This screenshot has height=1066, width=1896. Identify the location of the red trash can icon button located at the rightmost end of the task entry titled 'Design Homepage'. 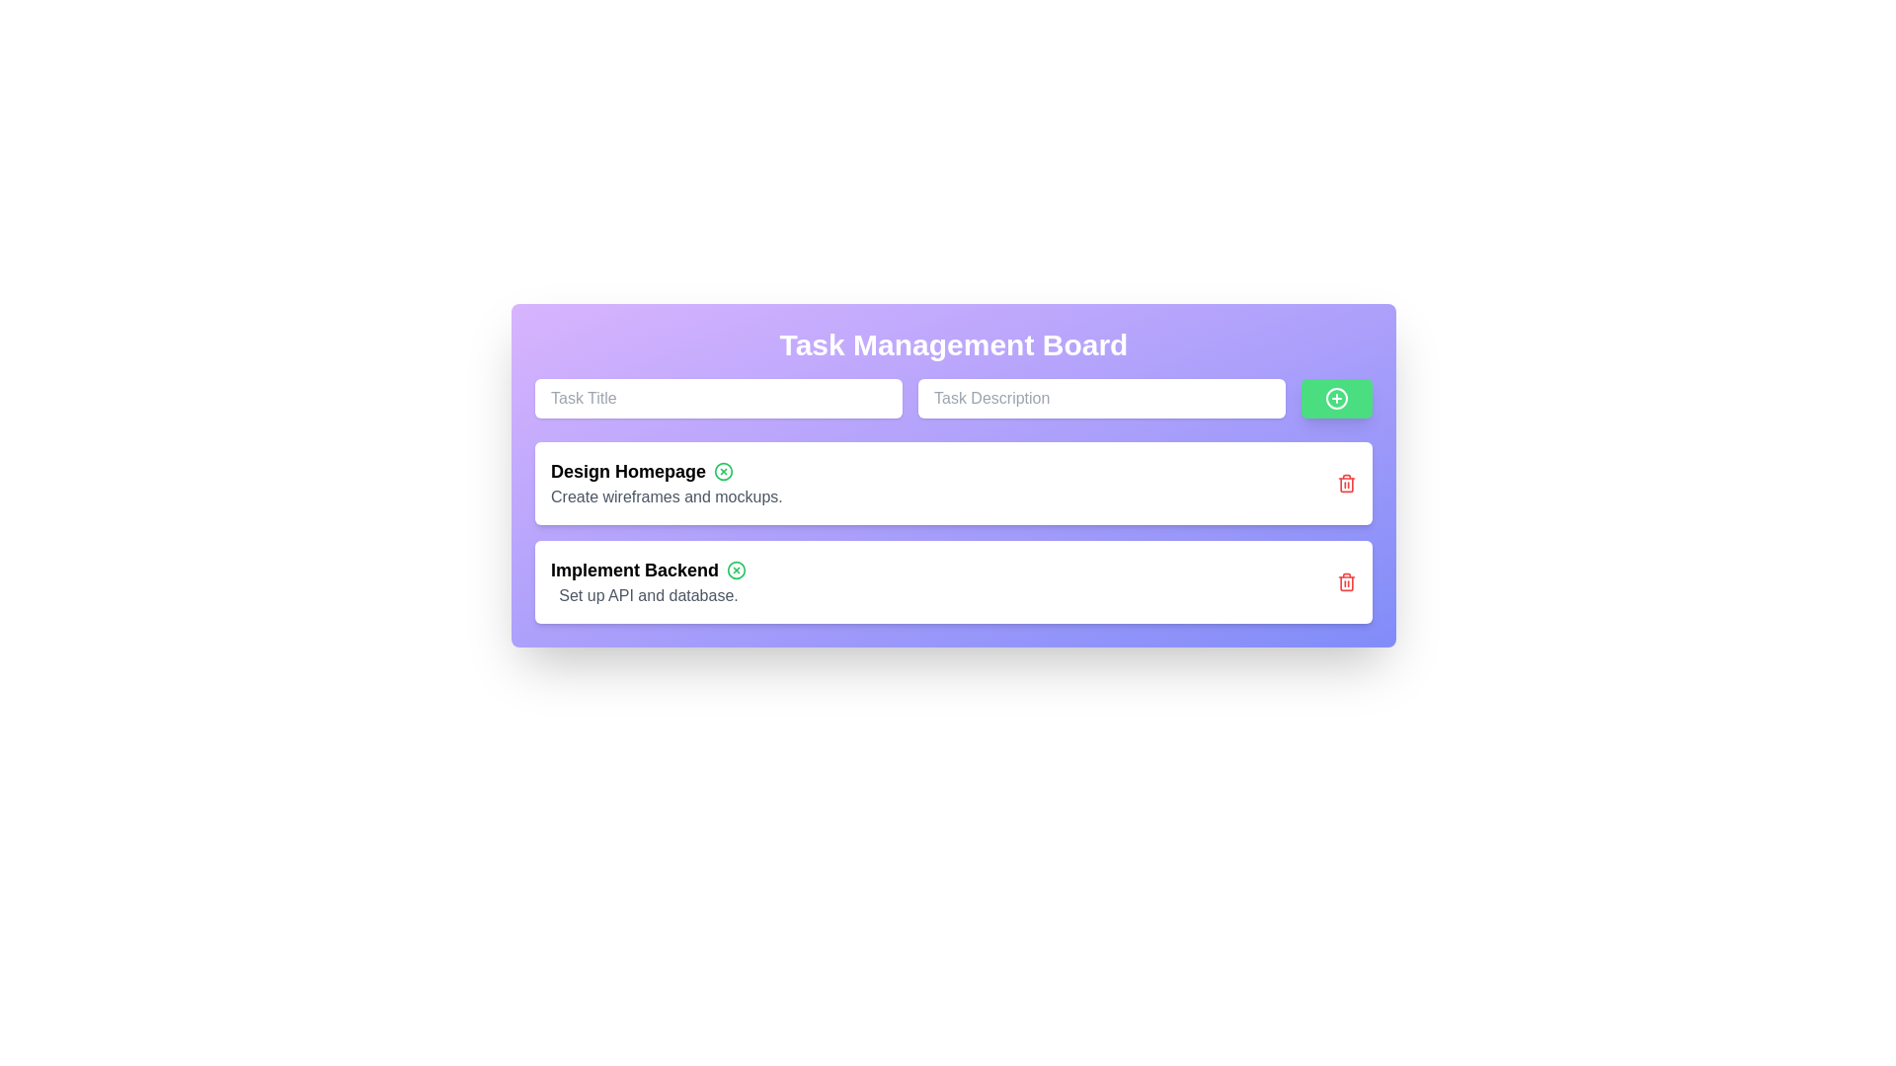
(1345, 483).